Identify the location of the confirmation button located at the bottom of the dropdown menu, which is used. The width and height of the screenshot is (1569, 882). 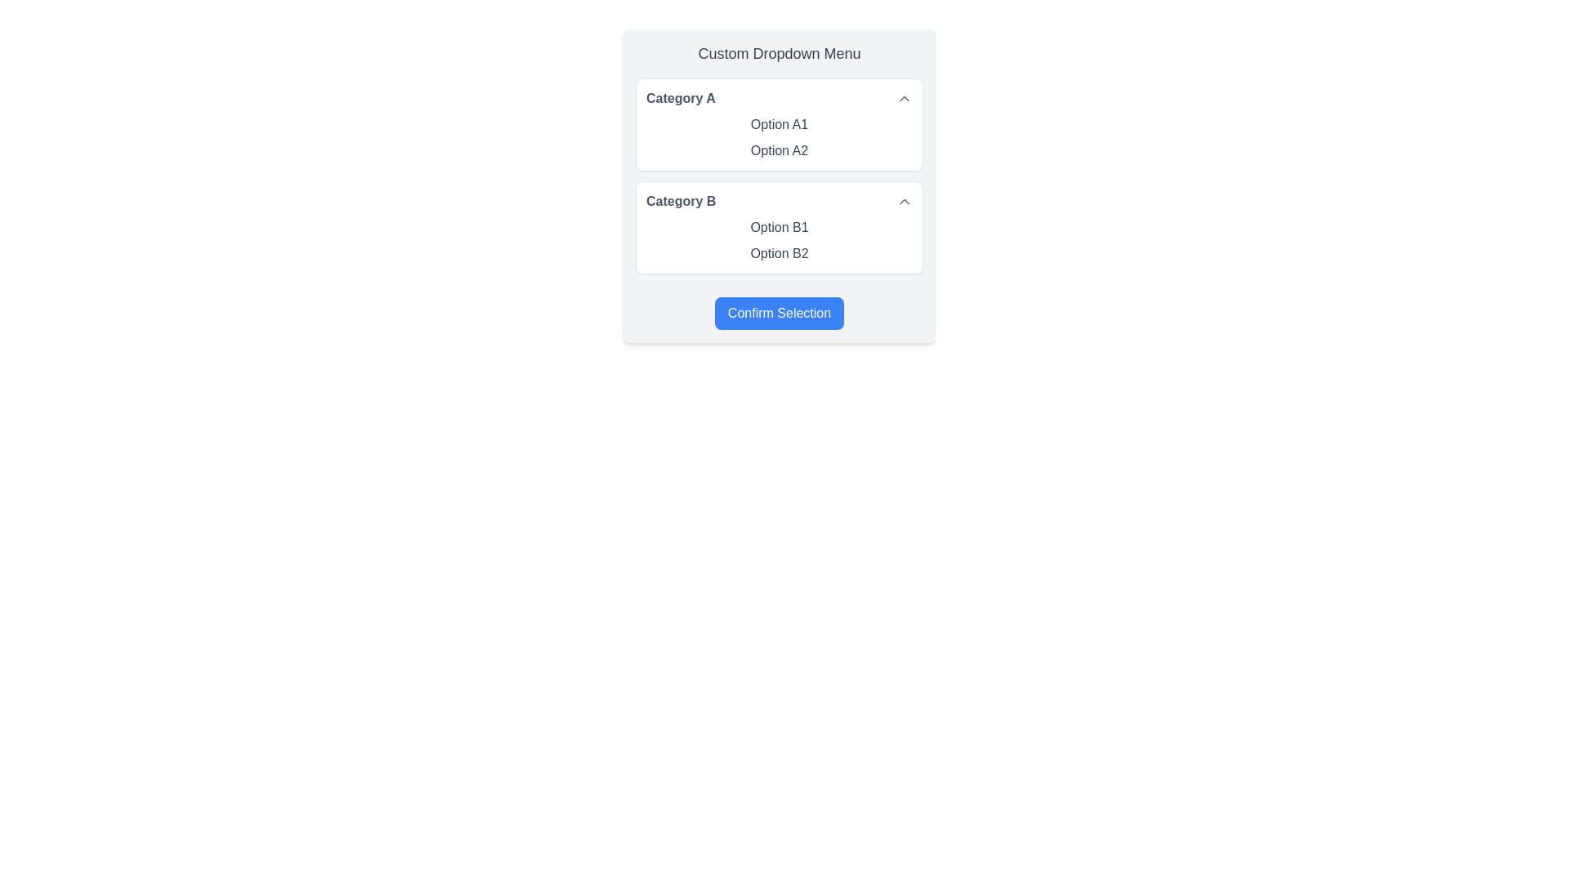
(779, 314).